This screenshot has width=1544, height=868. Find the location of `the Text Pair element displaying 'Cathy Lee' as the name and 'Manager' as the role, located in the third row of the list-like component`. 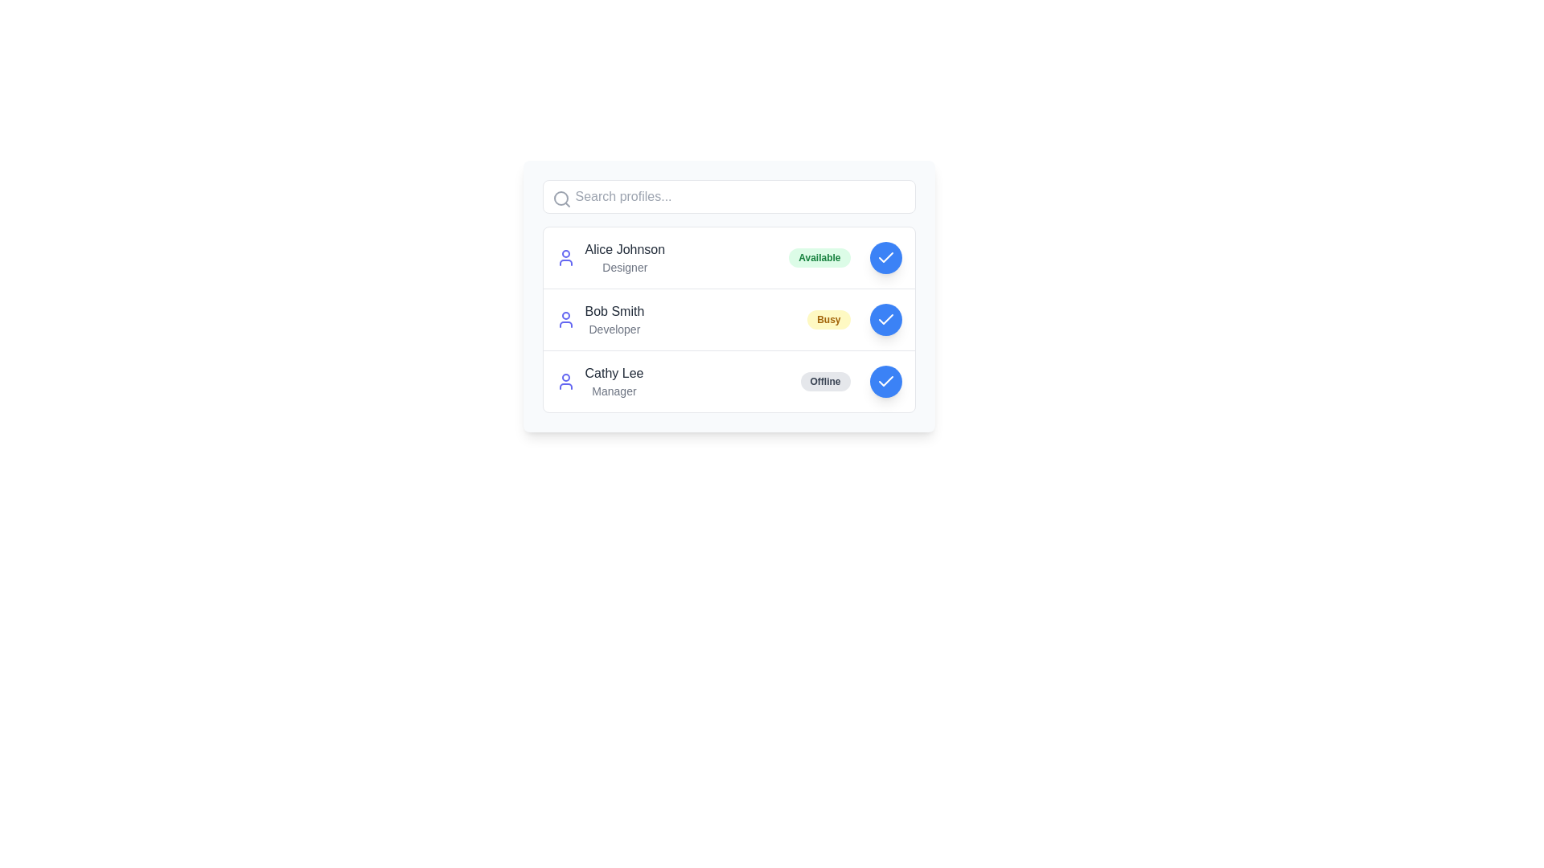

the Text Pair element displaying 'Cathy Lee' as the name and 'Manager' as the role, located in the third row of the list-like component is located at coordinates (613, 381).